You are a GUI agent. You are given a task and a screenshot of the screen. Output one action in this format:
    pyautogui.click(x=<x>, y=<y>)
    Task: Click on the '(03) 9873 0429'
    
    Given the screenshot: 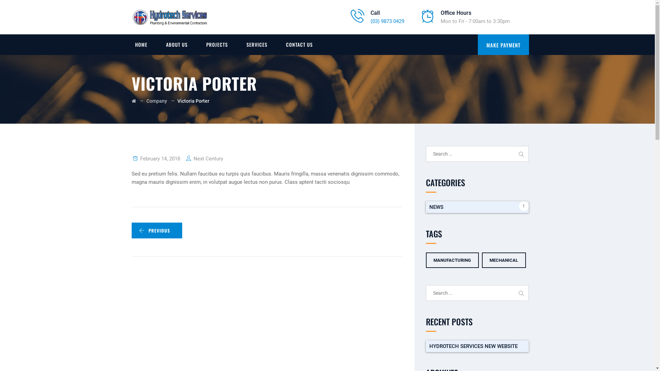 What is the action you would take?
    pyautogui.click(x=387, y=21)
    